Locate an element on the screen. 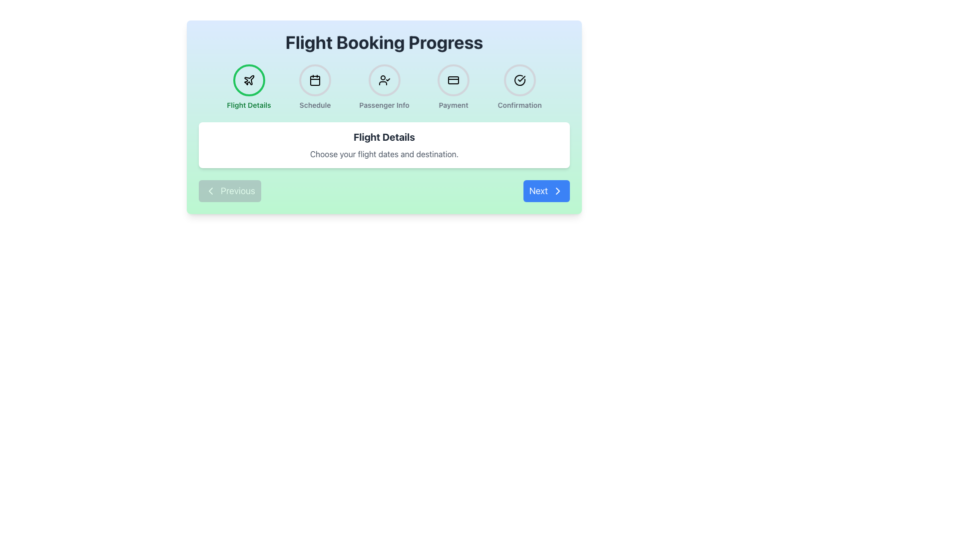 This screenshot has width=959, height=539. the chevron icon of the 'Previous' button located in the bottom-left corner of the main interface is located at coordinates (210, 191).